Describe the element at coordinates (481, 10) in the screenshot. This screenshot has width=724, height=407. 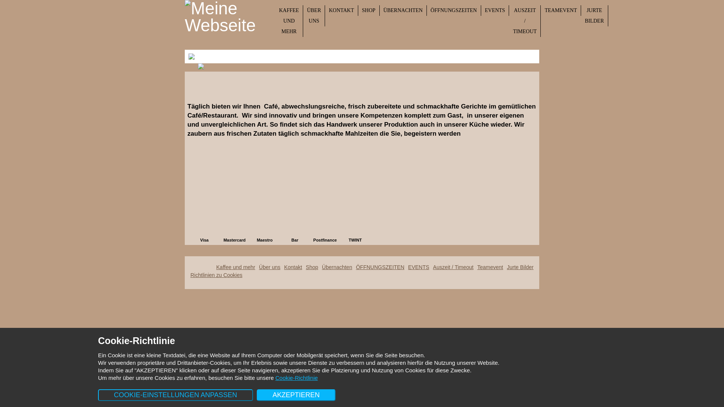
I see `'EVENTS'` at that location.